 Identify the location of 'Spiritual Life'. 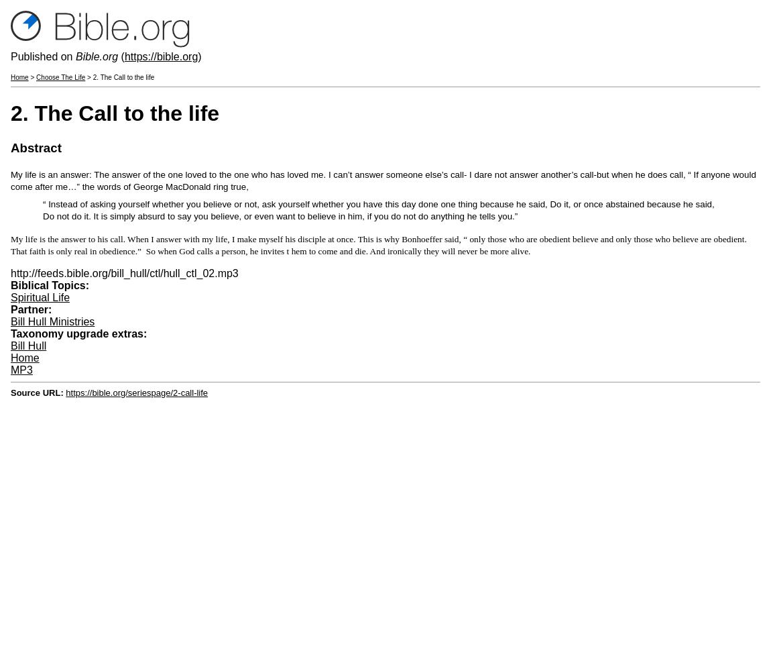
(40, 296).